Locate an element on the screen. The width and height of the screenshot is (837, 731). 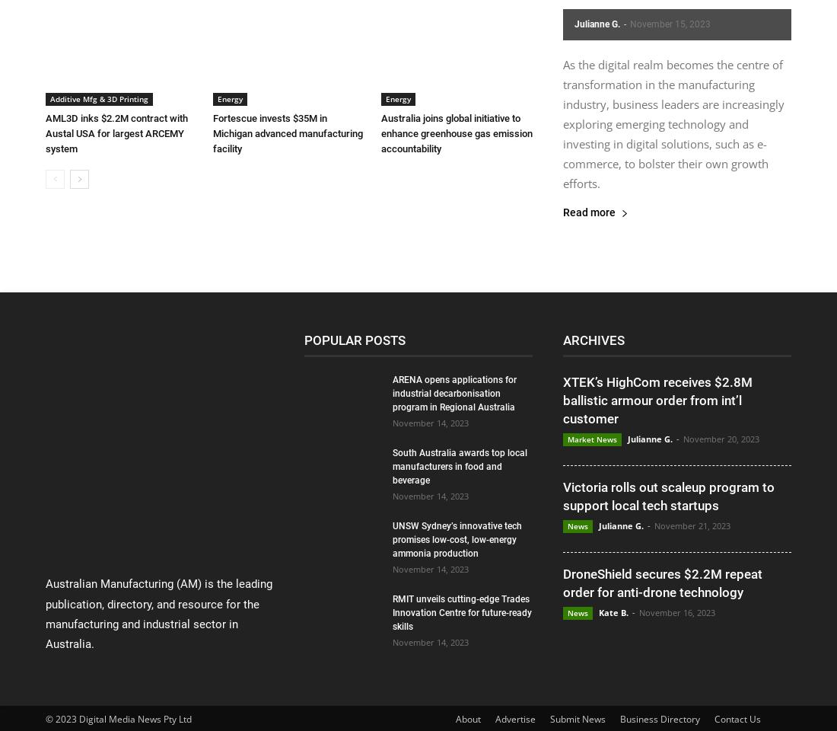
'RMIT unveils cutting-edge Trades Innovation Centre for future-ready skills' is located at coordinates (393, 612).